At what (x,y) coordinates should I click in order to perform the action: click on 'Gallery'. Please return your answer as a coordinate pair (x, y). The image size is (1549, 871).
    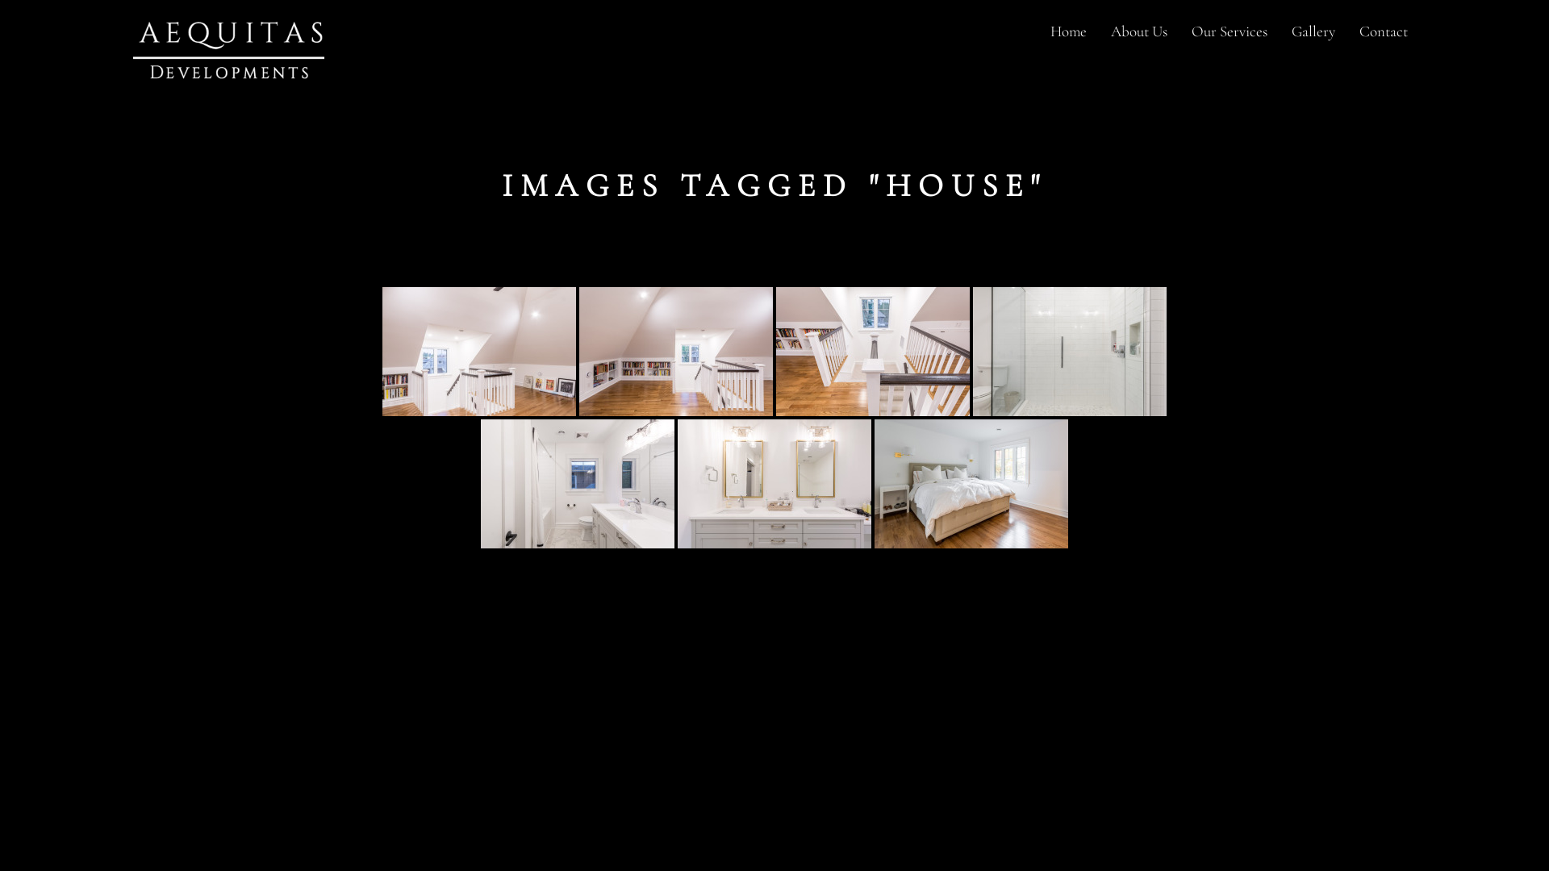
    Looking at the image, I should click on (1278, 31).